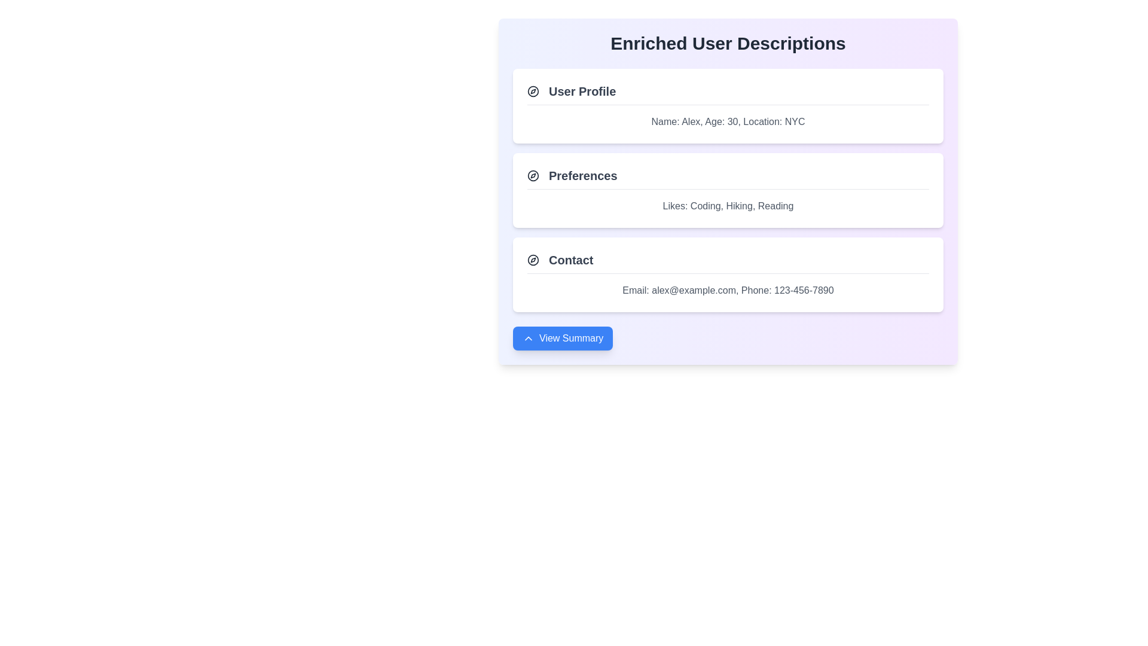 The width and height of the screenshot is (1148, 646). What do you see at coordinates (533, 91) in the screenshot?
I see `the compass-like icon located at the leftmost side of the 'User Profile' section header` at bounding box center [533, 91].